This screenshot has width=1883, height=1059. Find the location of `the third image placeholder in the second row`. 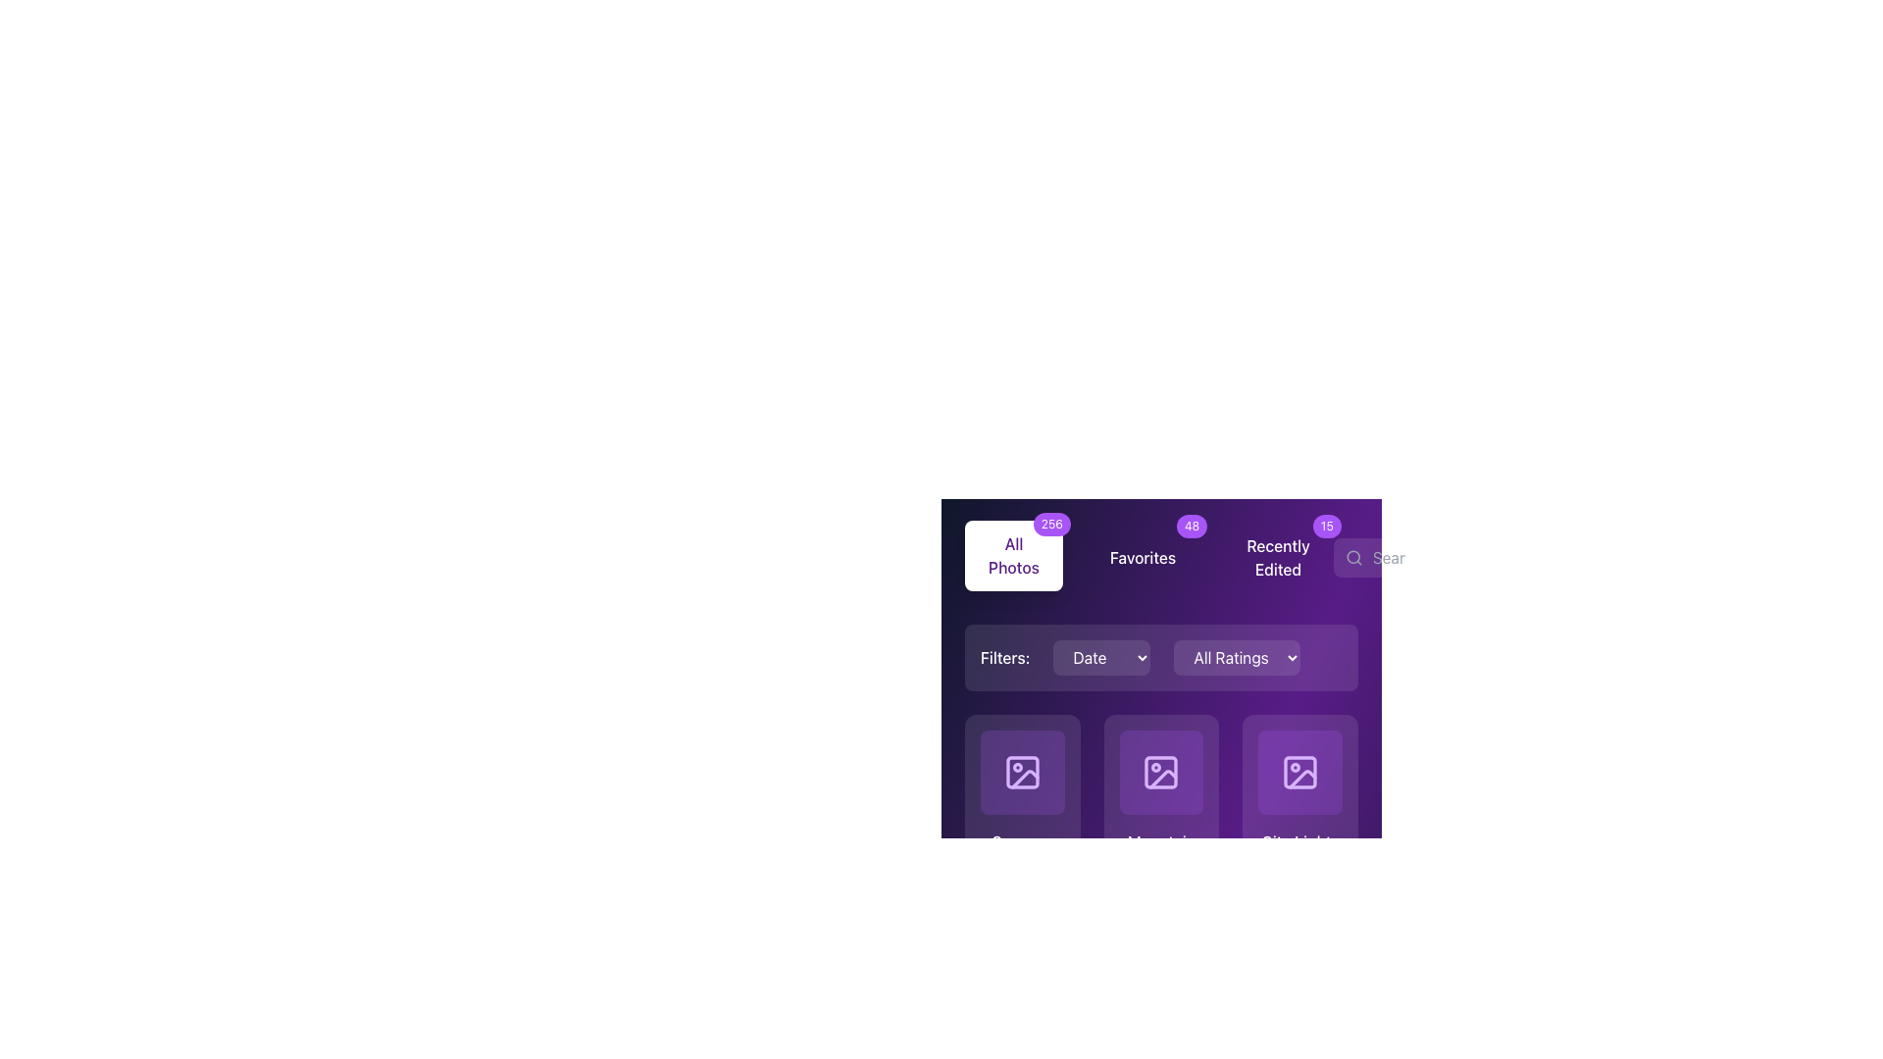

the third image placeholder in the second row is located at coordinates (1300, 771).